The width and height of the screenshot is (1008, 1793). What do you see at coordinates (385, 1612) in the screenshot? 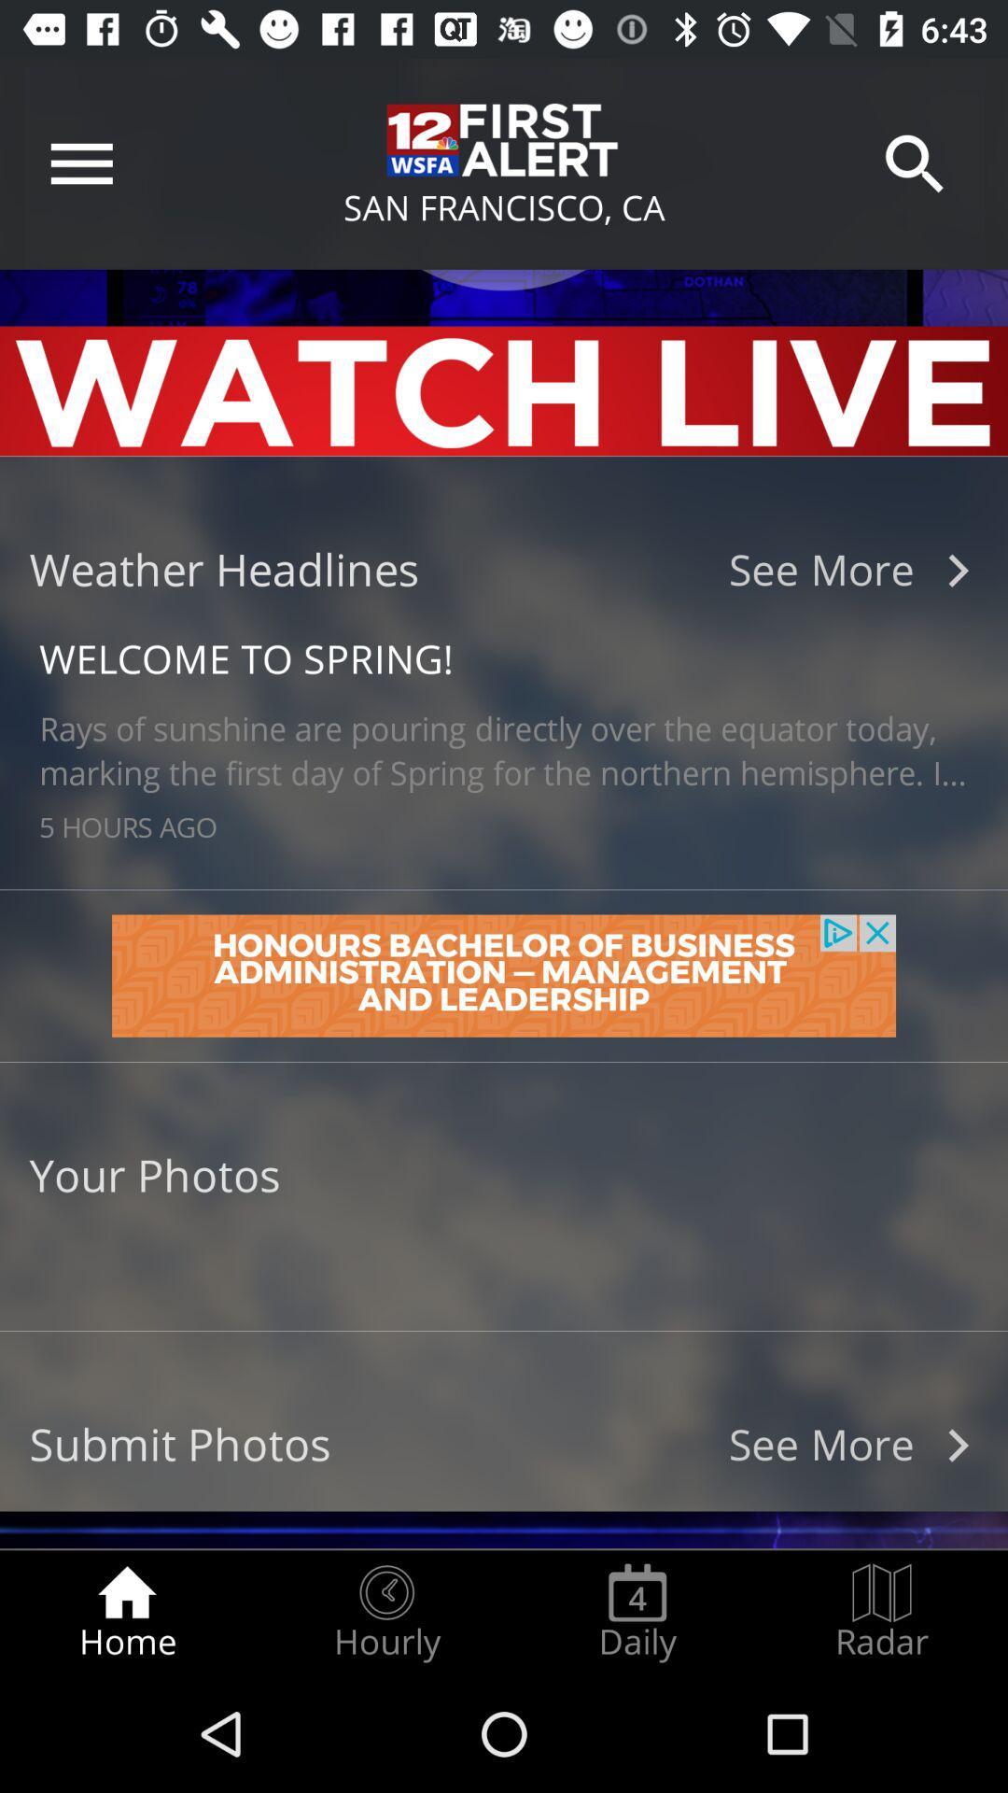
I see `the icon next to the daily radio button` at bounding box center [385, 1612].